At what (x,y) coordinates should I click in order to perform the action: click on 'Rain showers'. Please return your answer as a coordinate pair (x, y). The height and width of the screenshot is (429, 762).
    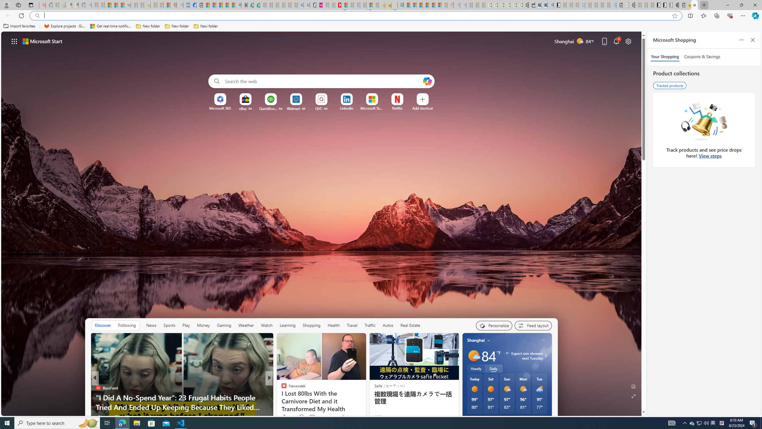
    Looking at the image, I should click on (539, 389).